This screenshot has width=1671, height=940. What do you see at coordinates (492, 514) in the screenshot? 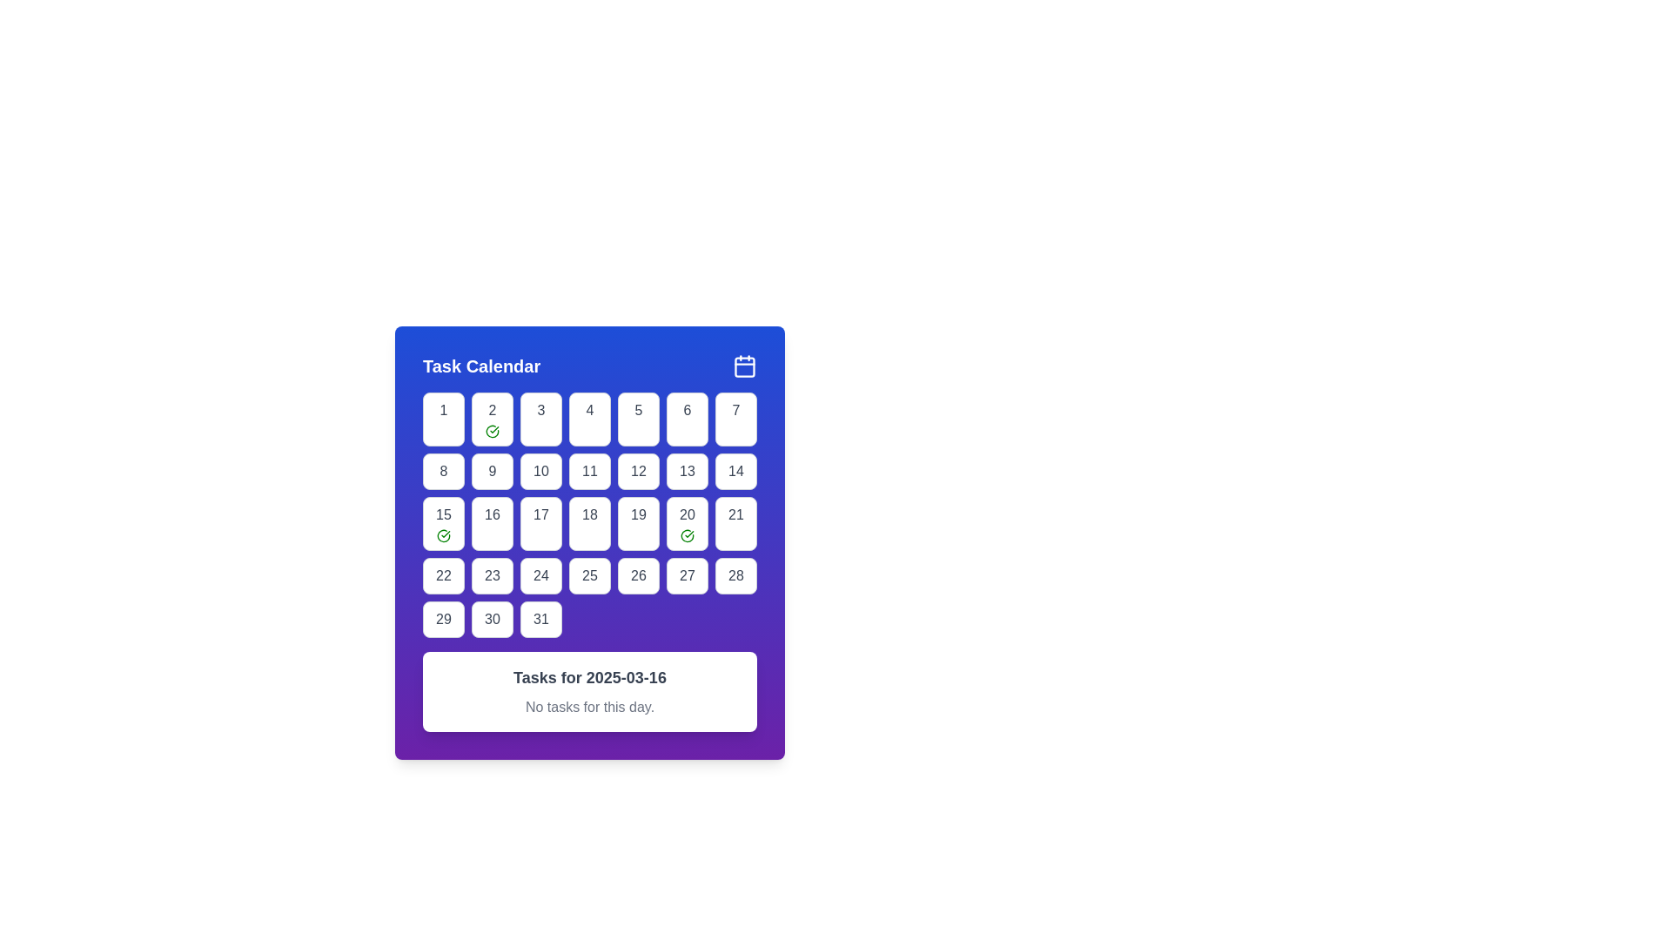
I see `text content '16' displayed in the text node within the rounded rectangular box in the fourth row and second column of the calendar grid` at bounding box center [492, 514].